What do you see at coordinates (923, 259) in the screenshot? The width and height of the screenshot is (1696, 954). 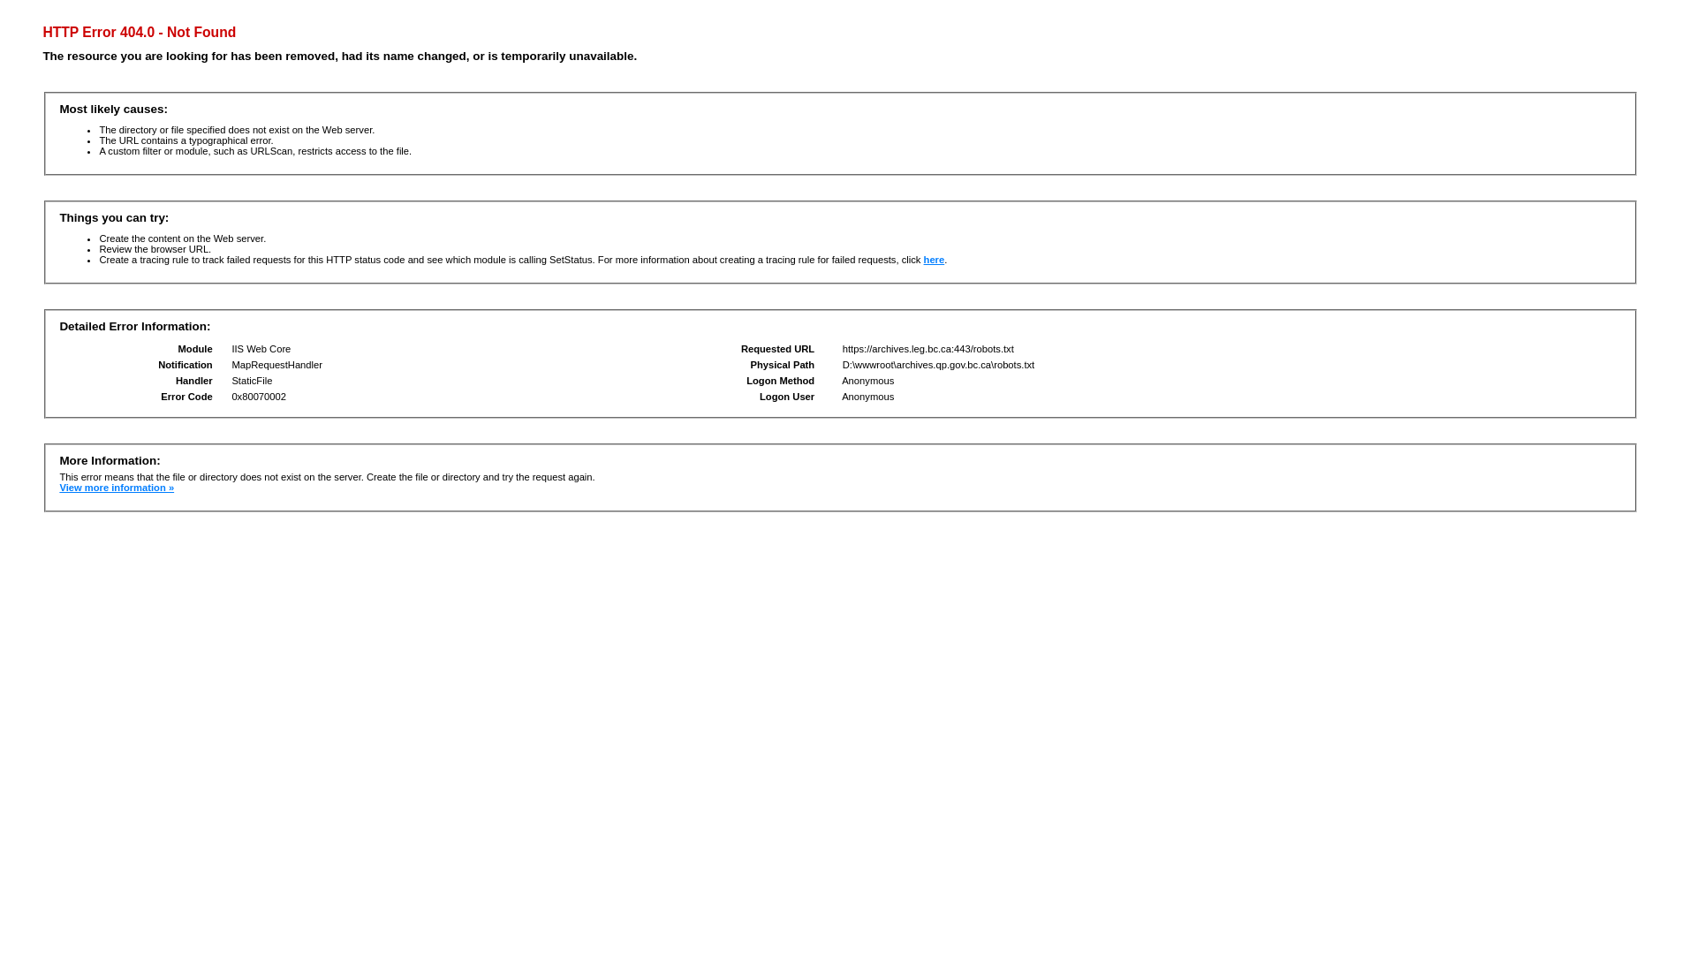 I see `'here'` at bounding box center [923, 259].